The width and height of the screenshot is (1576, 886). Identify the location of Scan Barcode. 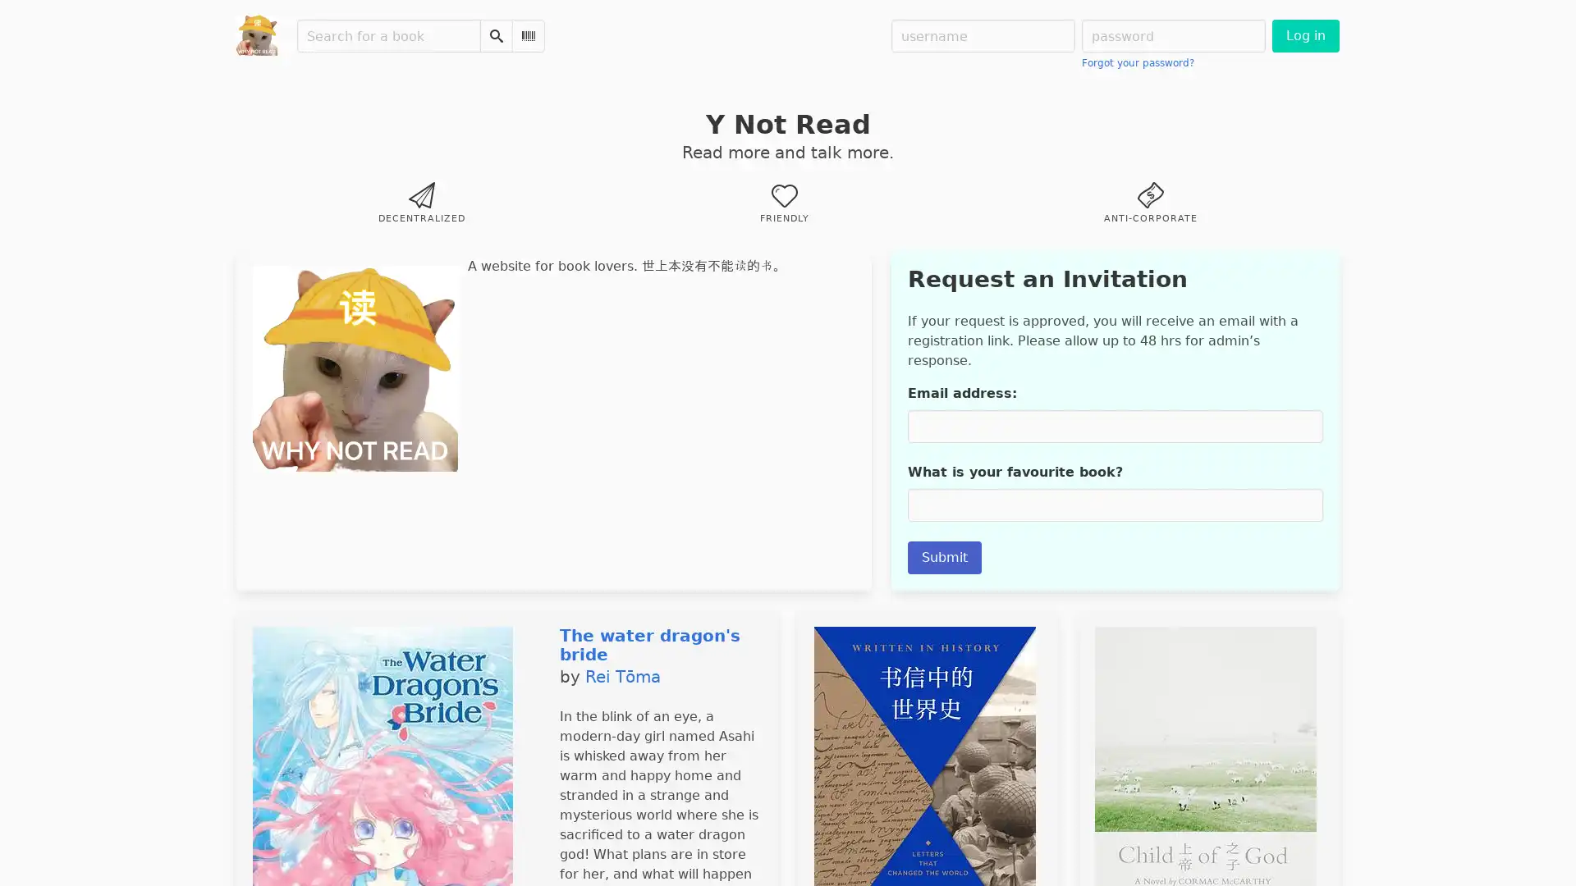
(528, 35).